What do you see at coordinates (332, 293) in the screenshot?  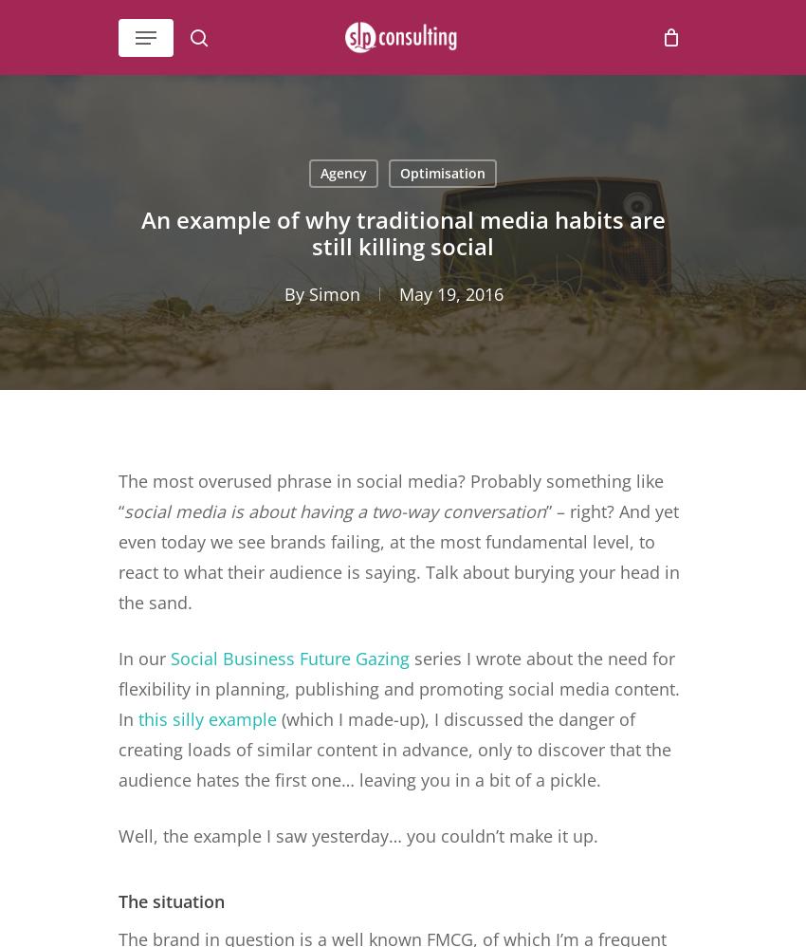 I see `'Simon'` at bounding box center [332, 293].